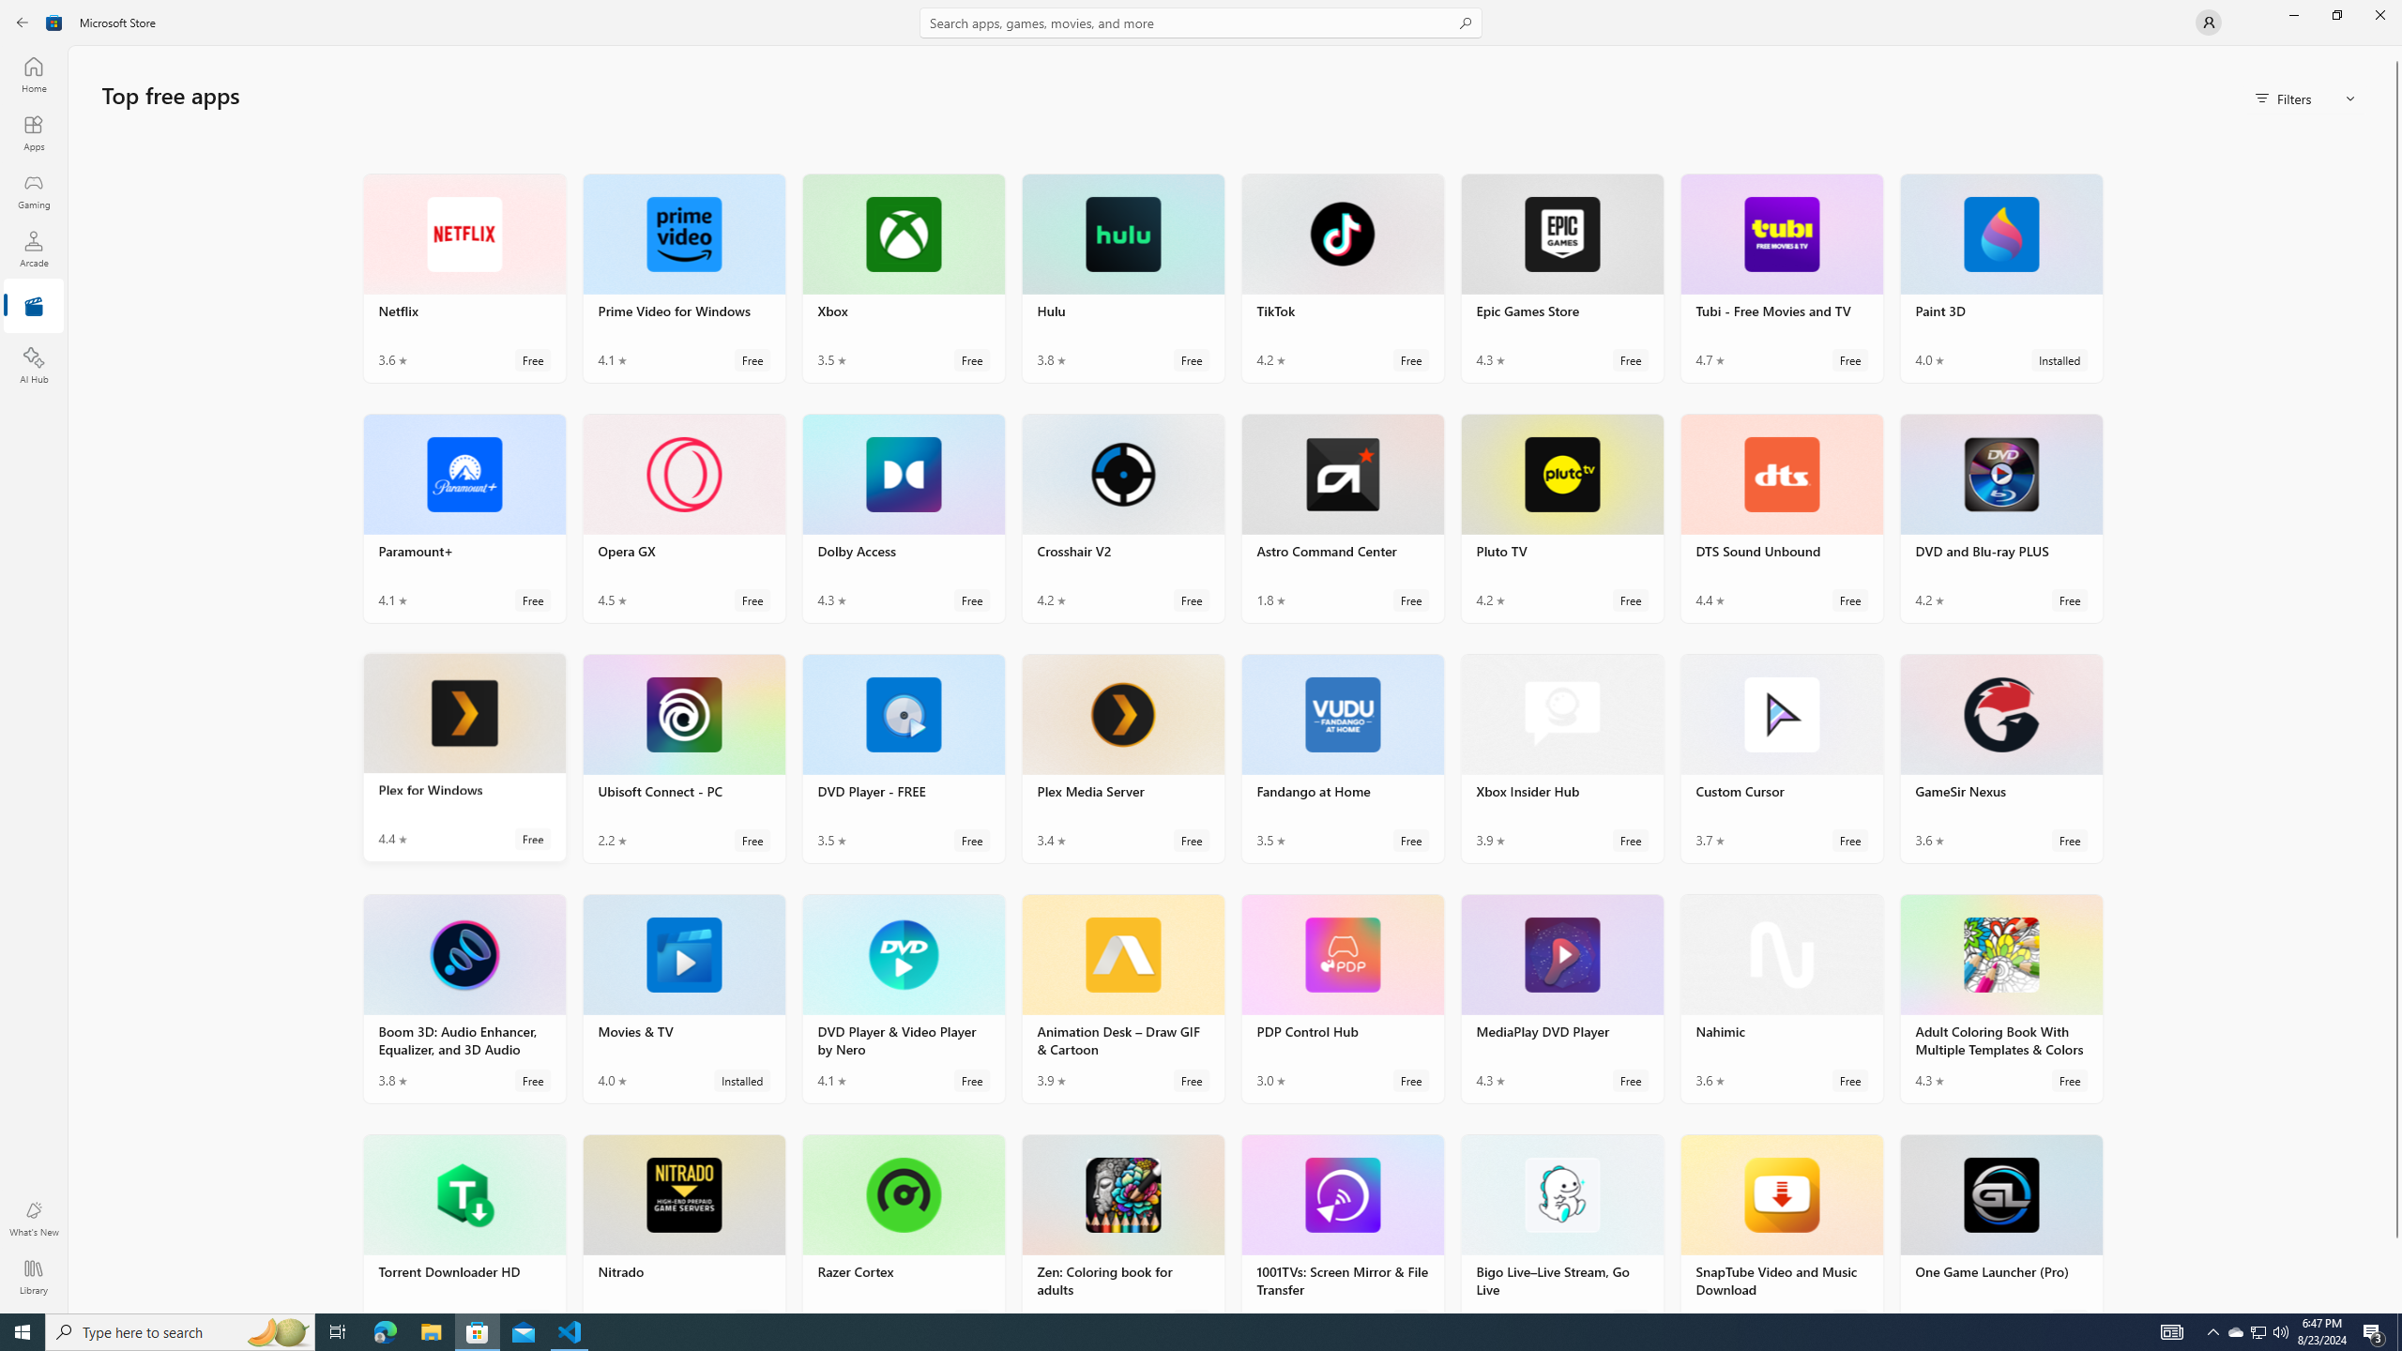 The height and width of the screenshot is (1351, 2402). Describe the element at coordinates (2379, 14) in the screenshot. I see `'Close Microsoft Store'` at that location.